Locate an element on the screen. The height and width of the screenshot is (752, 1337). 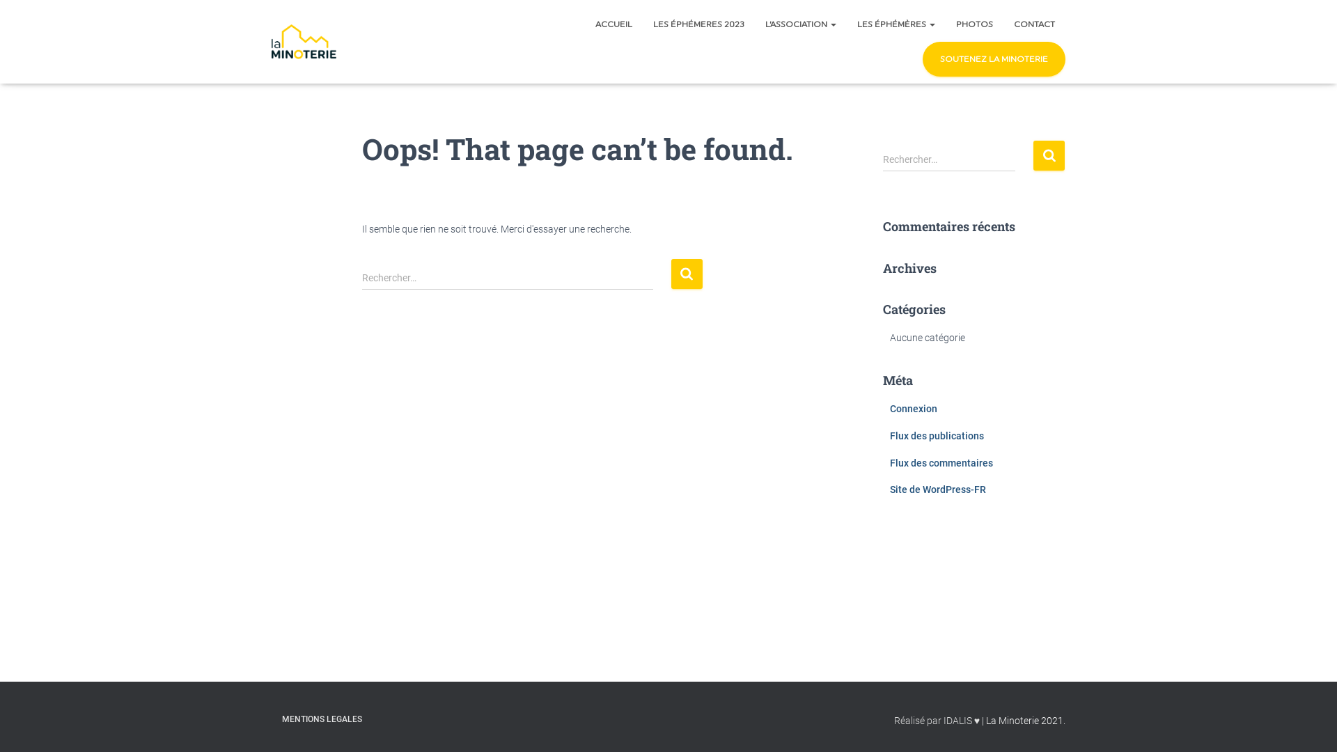
'SOUTENEZ LA MINOTERIE' is located at coordinates (993, 58).